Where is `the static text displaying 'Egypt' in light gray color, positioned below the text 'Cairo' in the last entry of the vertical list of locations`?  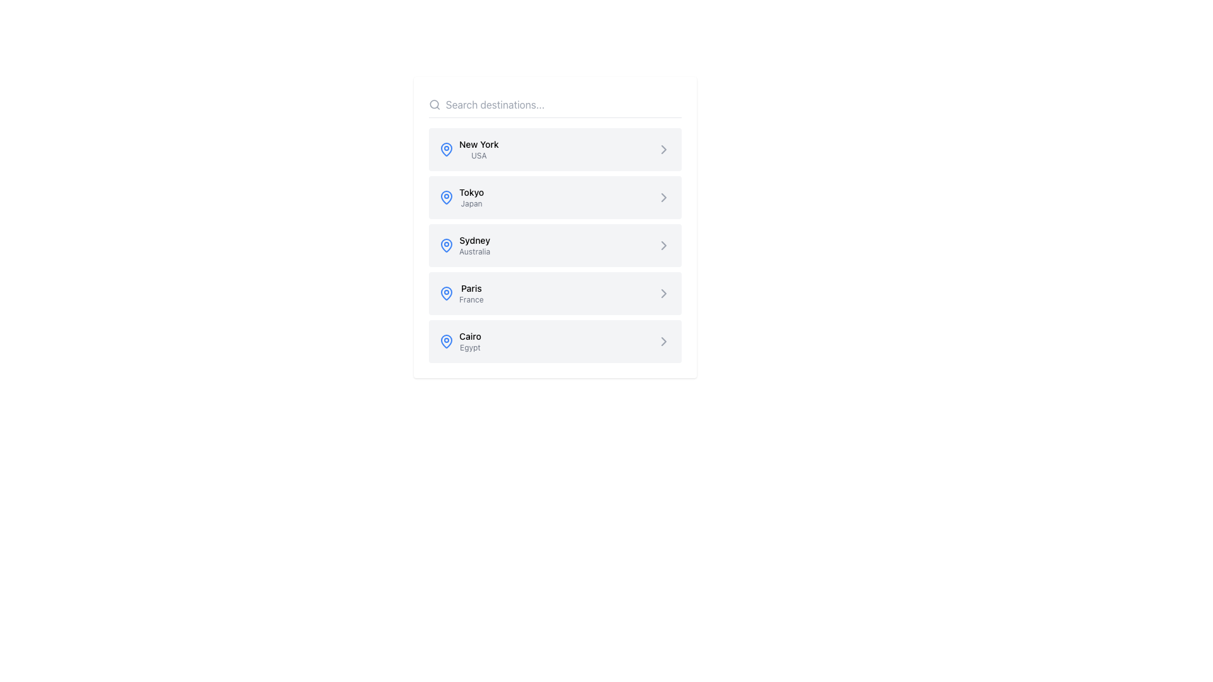 the static text displaying 'Egypt' in light gray color, positioned below the text 'Cairo' in the last entry of the vertical list of locations is located at coordinates (469, 348).